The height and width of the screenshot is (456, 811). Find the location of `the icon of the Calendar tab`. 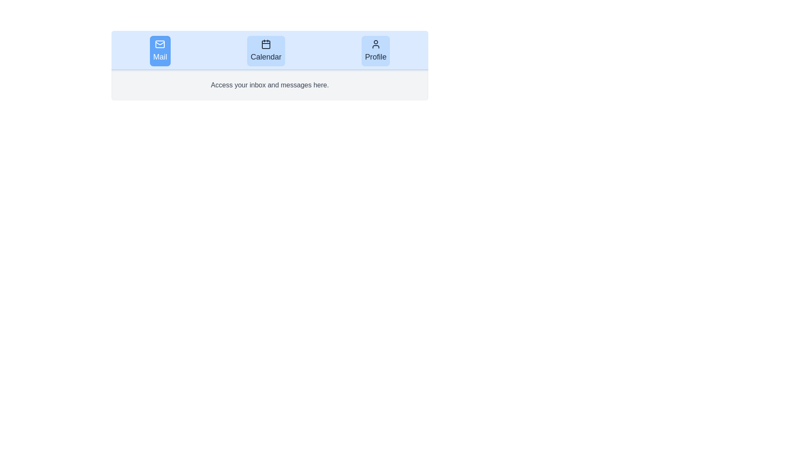

the icon of the Calendar tab is located at coordinates (265, 51).